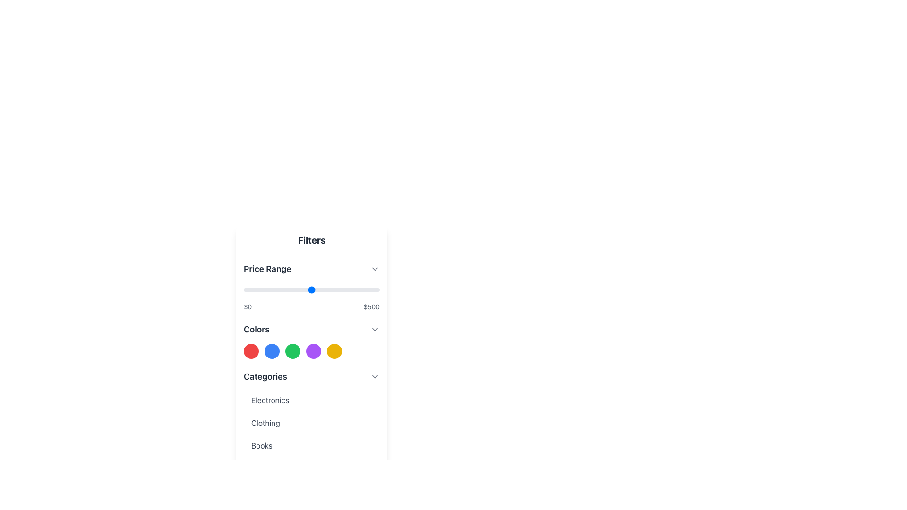 The width and height of the screenshot is (907, 510). What do you see at coordinates (312, 240) in the screenshot?
I see `the Text Label at the top of the sidebar, which serves as a header for the filters available below it` at bounding box center [312, 240].